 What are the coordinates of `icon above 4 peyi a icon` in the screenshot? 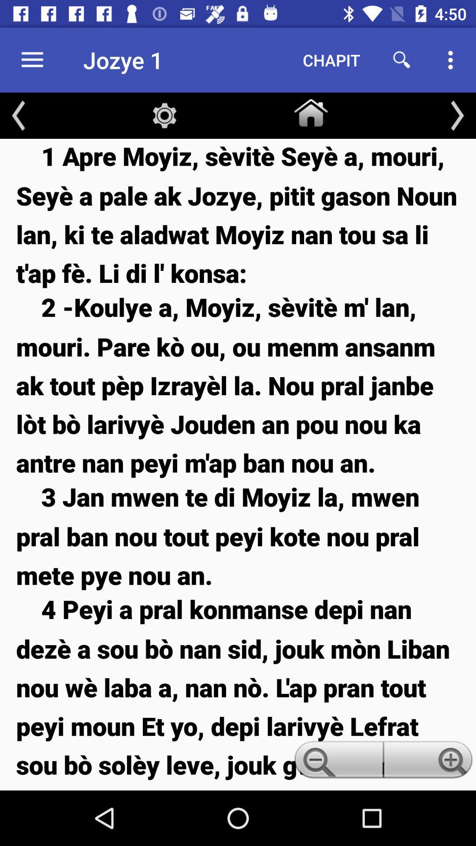 It's located at (238, 535).